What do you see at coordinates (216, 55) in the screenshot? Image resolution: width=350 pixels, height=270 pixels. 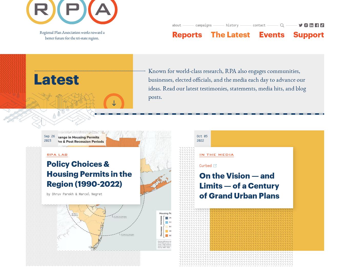 I see `'Centennial'` at bounding box center [216, 55].